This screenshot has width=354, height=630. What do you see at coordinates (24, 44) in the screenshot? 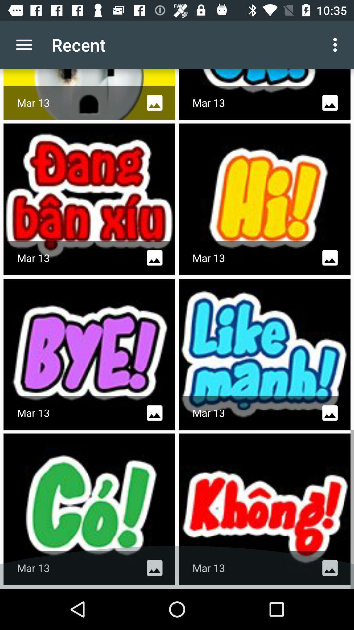
I see `the icon next to recent icon` at bounding box center [24, 44].